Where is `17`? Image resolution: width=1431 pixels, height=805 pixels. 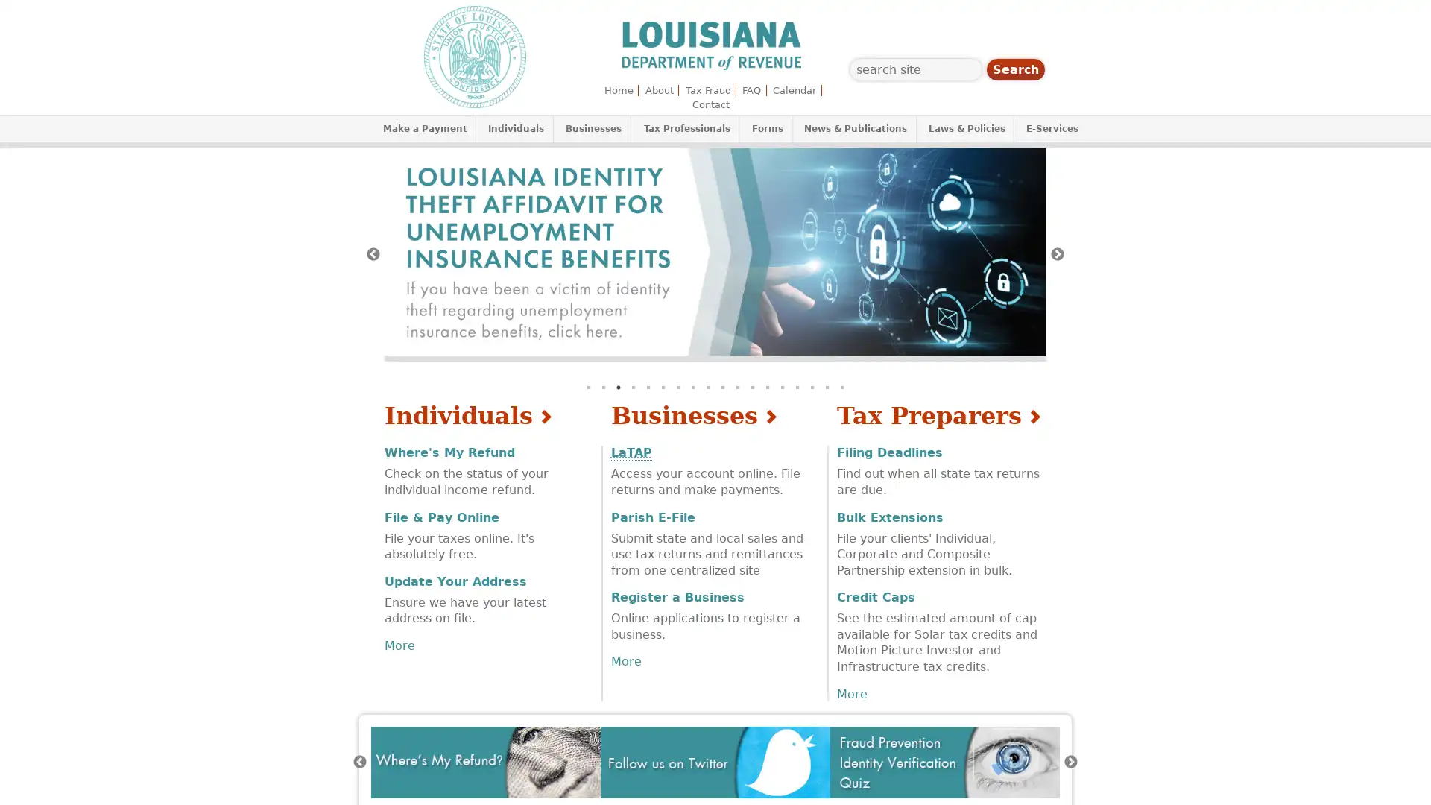 17 is located at coordinates (826, 387).